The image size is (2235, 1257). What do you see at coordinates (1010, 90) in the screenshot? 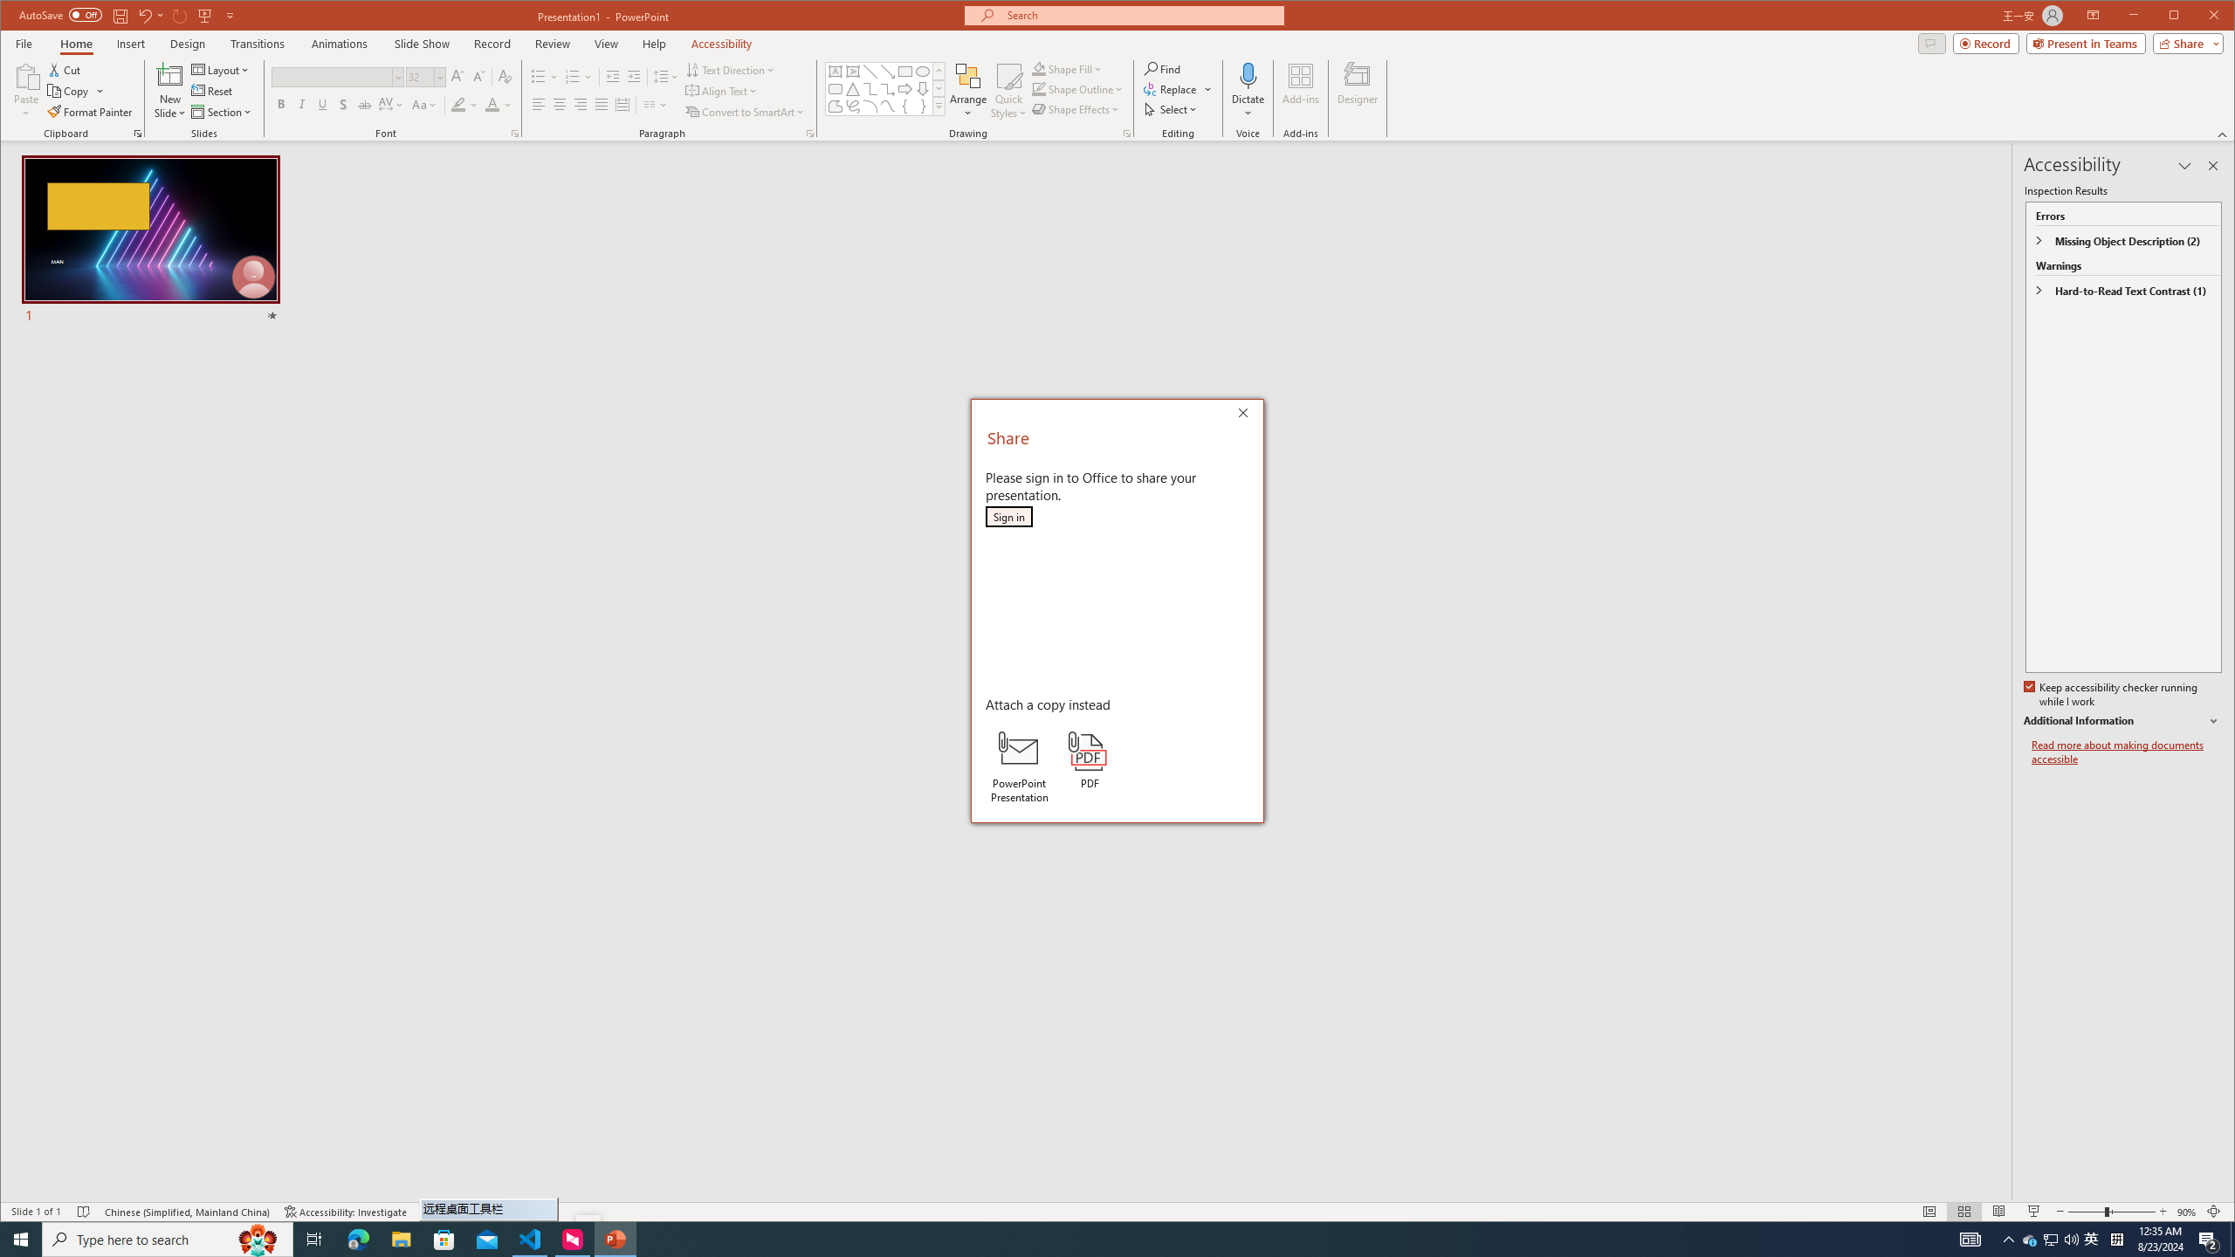
I see `'Quick Styles'` at bounding box center [1010, 90].